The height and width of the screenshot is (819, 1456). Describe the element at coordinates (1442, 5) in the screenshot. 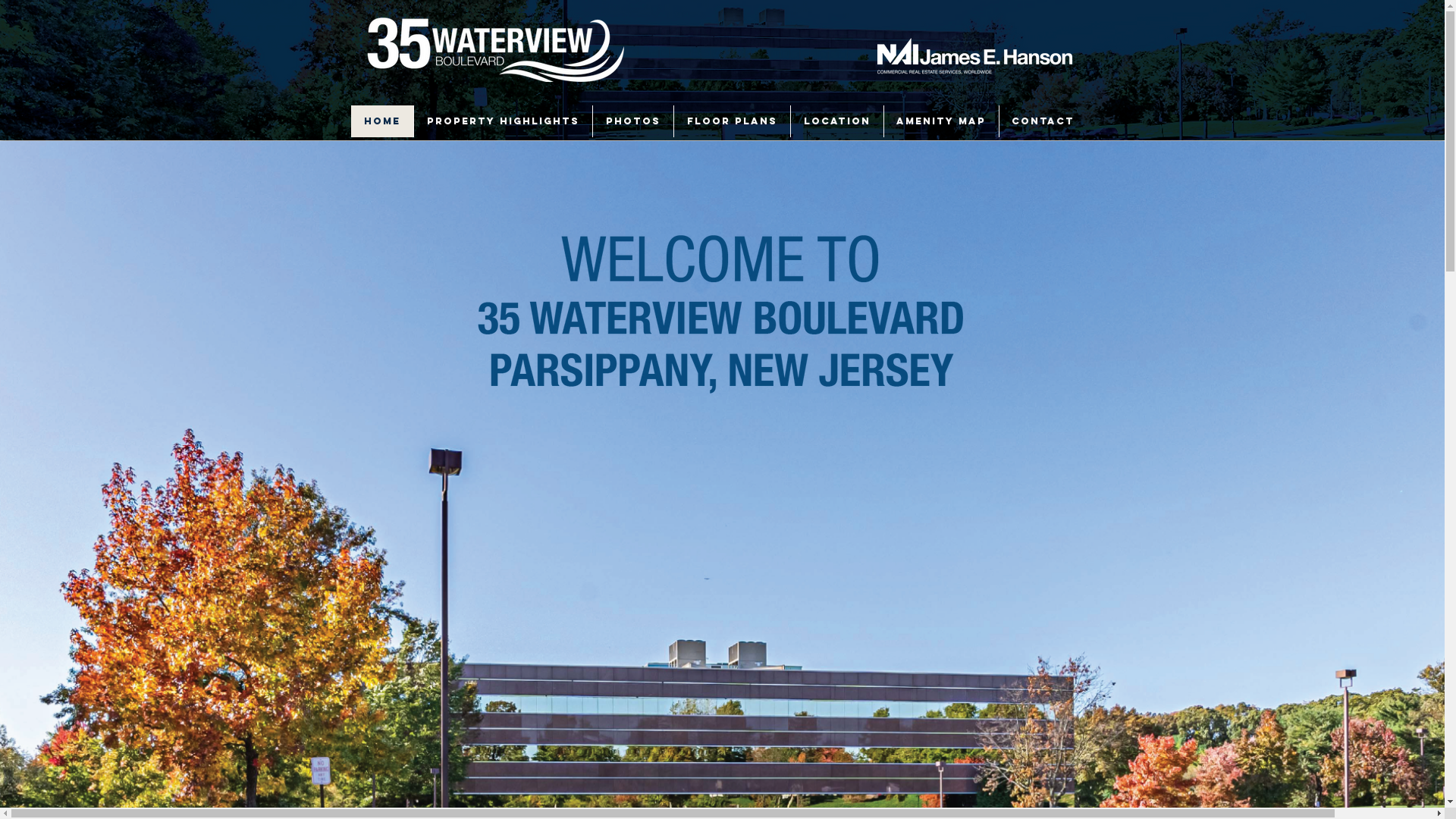

I see `'TWIPLA (Visitor Analytics)'` at that location.